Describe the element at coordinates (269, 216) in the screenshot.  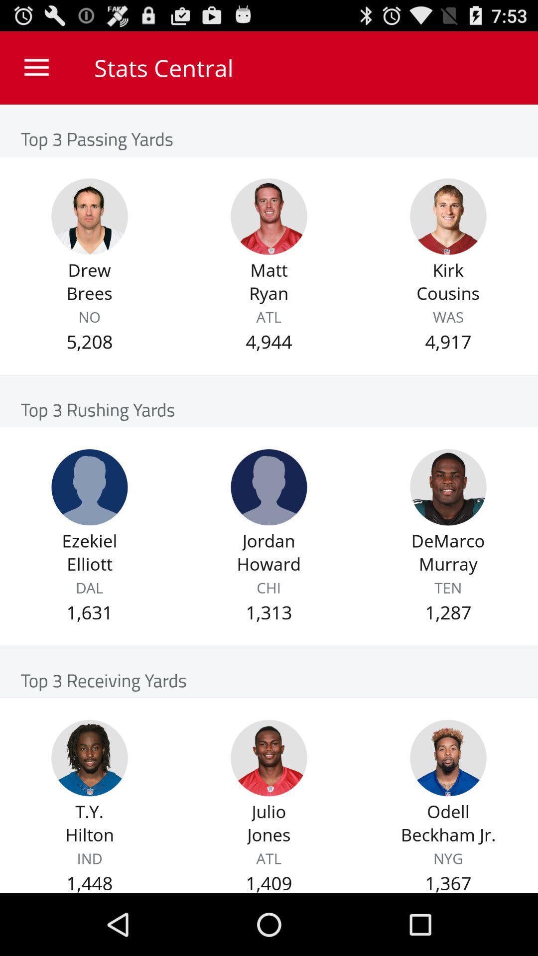
I see `goes to stats` at that location.